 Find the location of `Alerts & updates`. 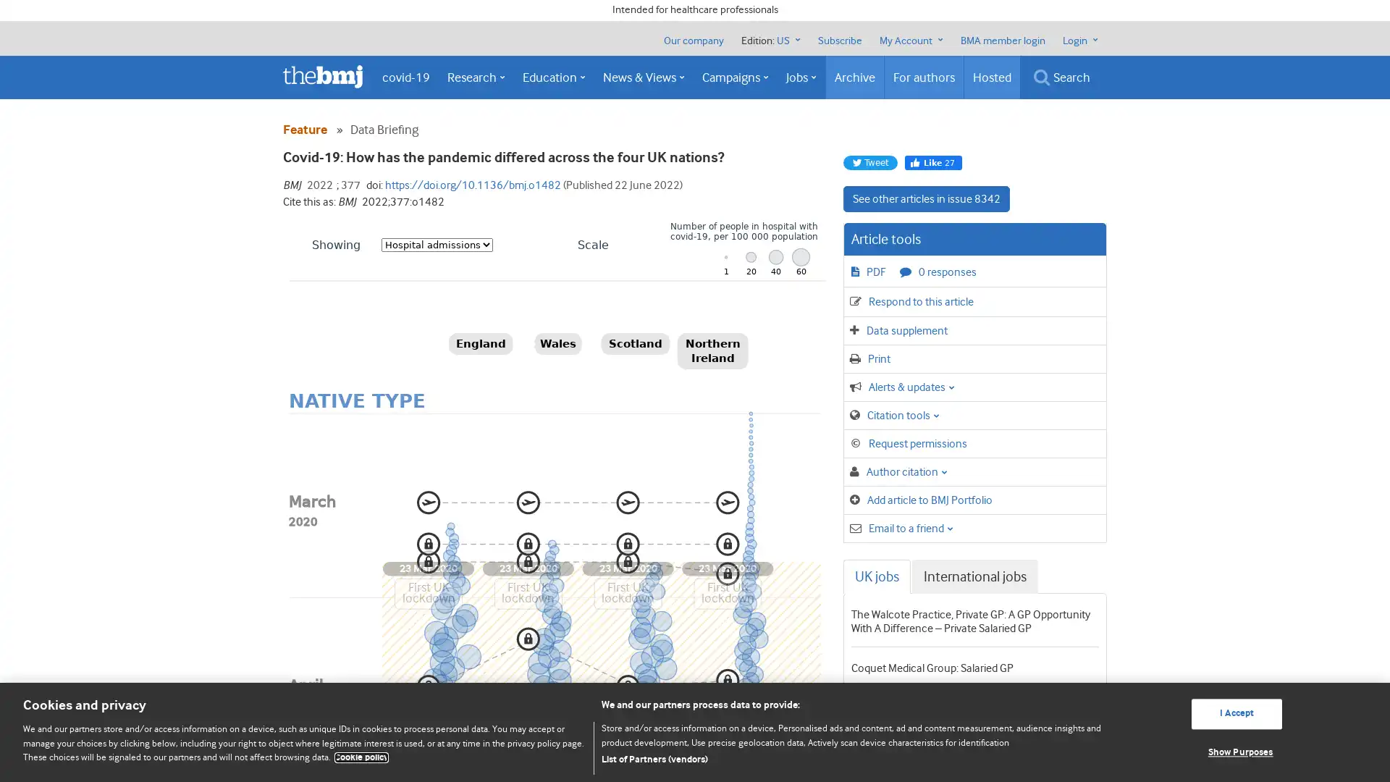

Alerts & updates is located at coordinates (909, 387).